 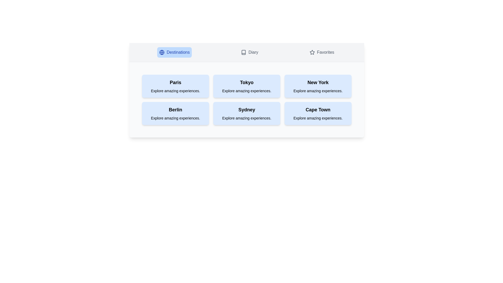 I want to click on the destination card labeled New York, so click(x=318, y=86).